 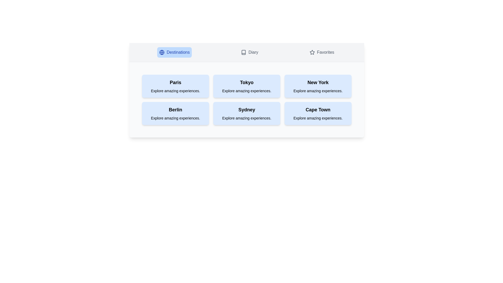 I want to click on the destination card labeled New York, so click(x=318, y=86).